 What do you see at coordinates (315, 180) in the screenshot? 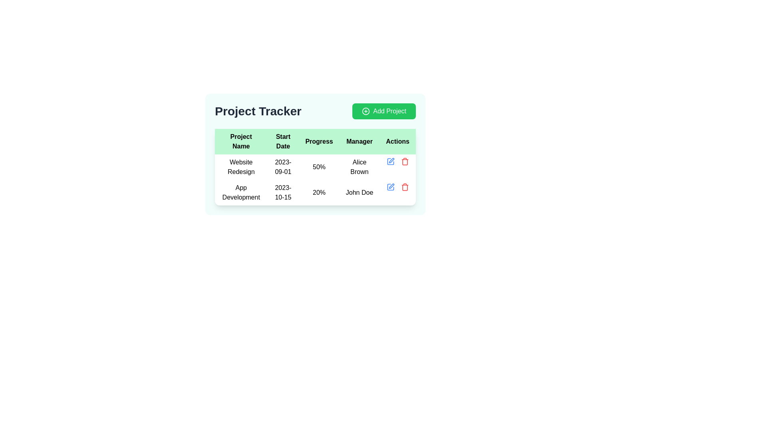
I see `the second row of the Project Tracker table displaying project data for 'App Development', which includes '2023-10-15', '20%', and 'John Doe'` at bounding box center [315, 180].